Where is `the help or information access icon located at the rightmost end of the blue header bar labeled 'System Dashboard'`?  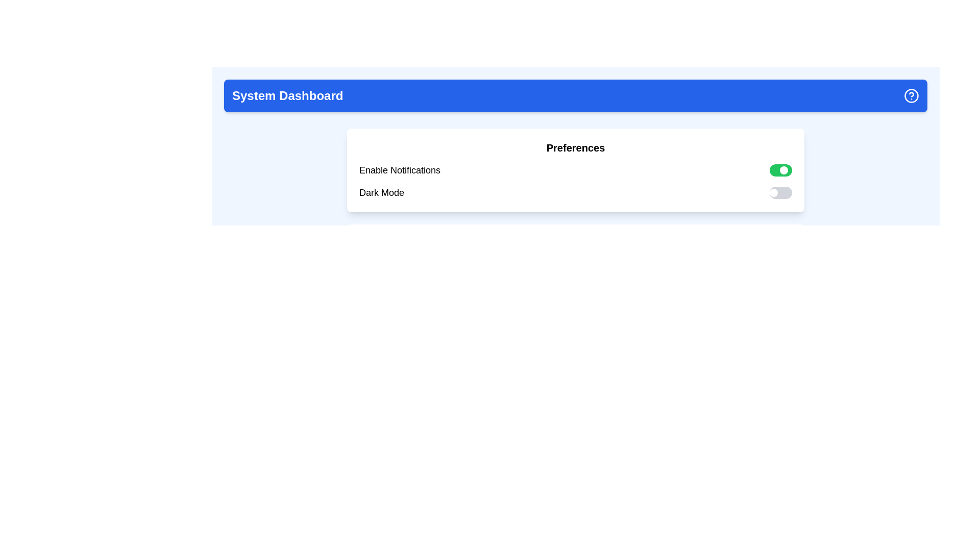 the help or information access icon located at the rightmost end of the blue header bar labeled 'System Dashboard' is located at coordinates (911, 96).